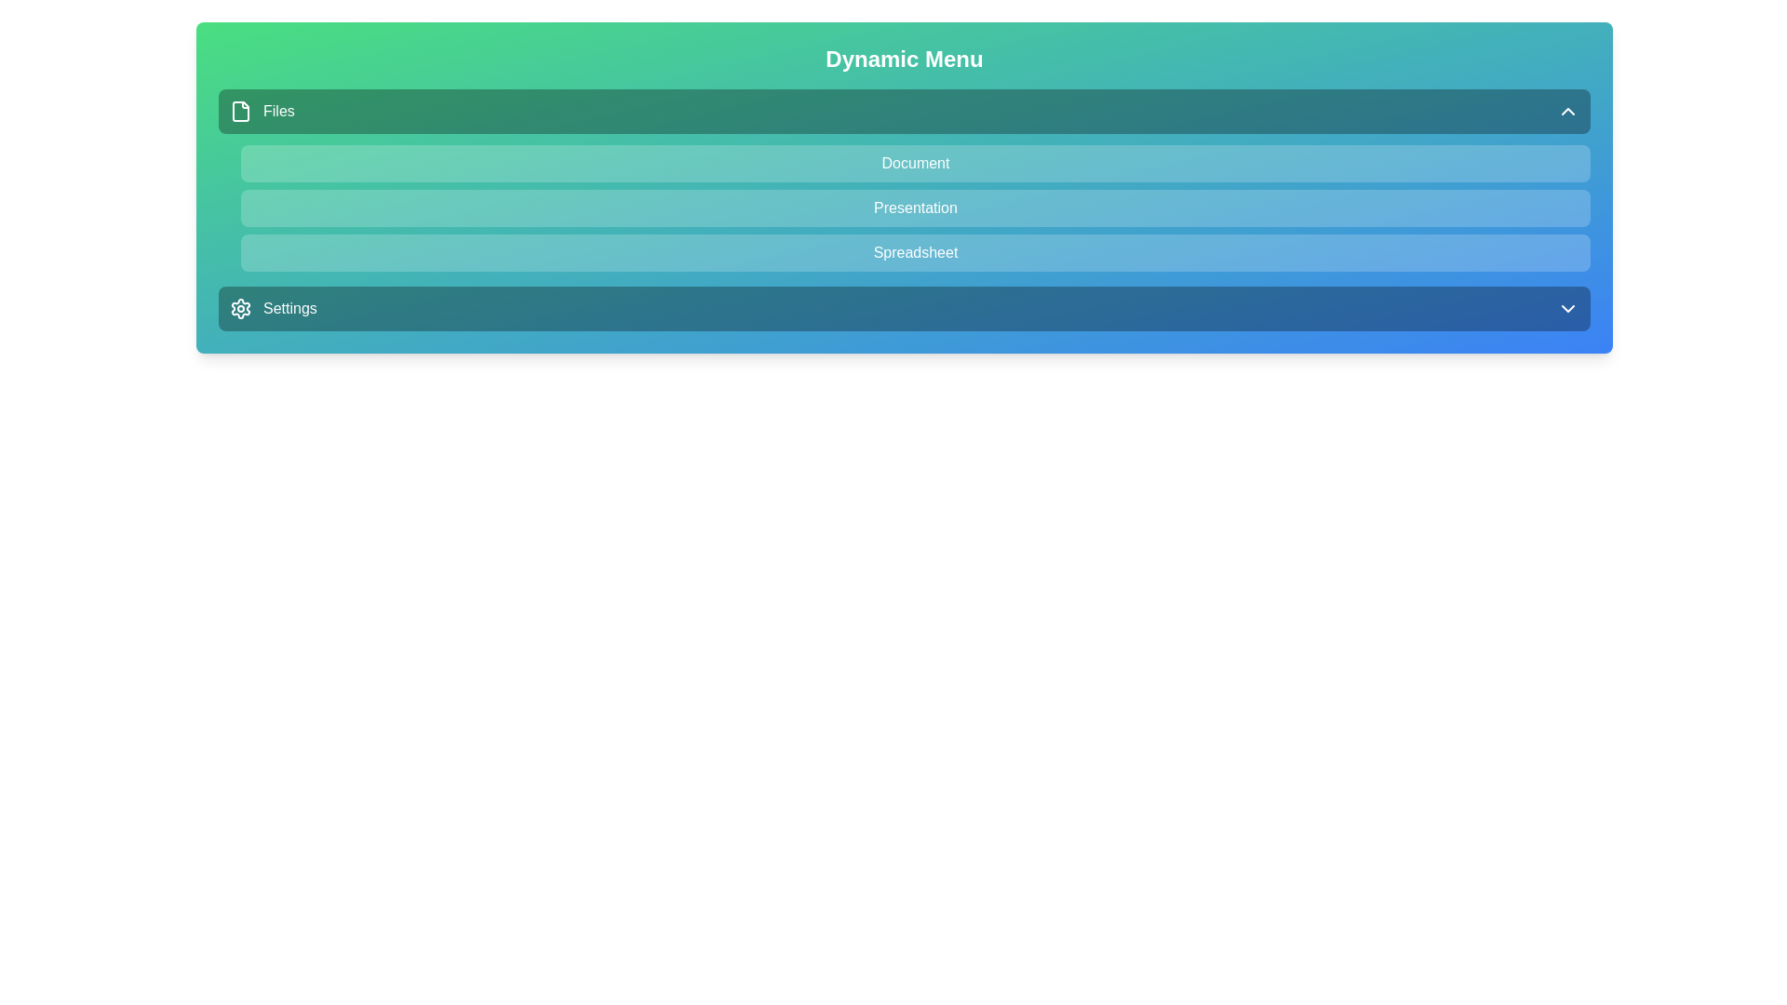 The image size is (1787, 1005). What do you see at coordinates (904, 111) in the screenshot?
I see `the first interactive menu item in the 'Dynamic Menu'` at bounding box center [904, 111].